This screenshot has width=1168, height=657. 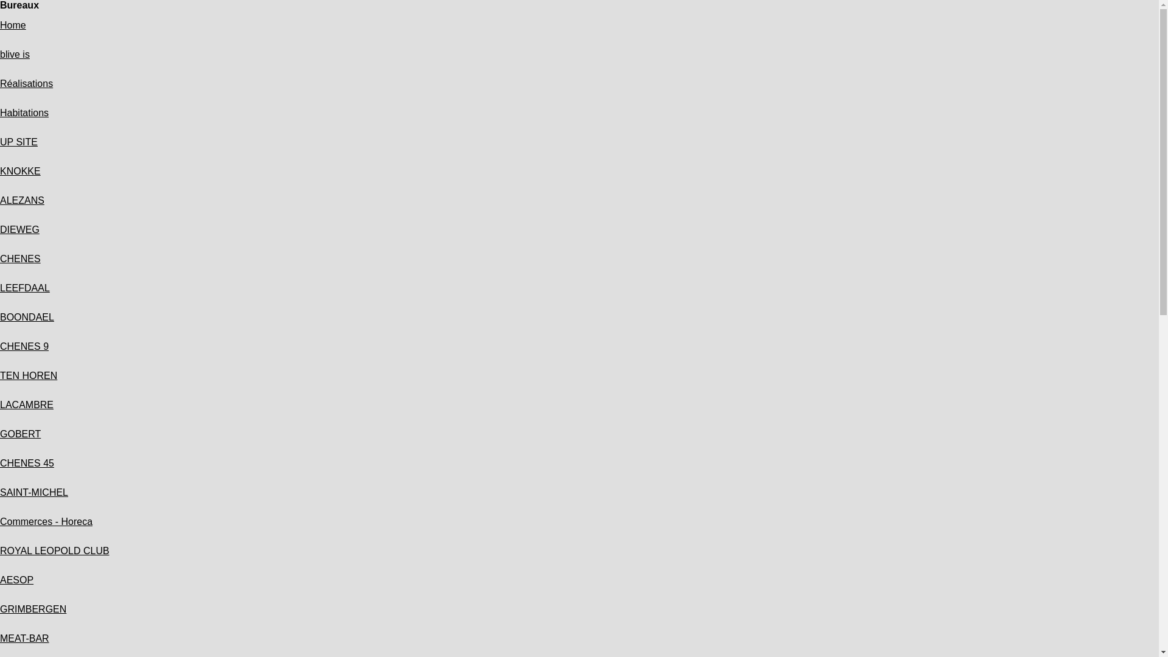 I want to click on 'Habitations', so click(x=0, y=113).